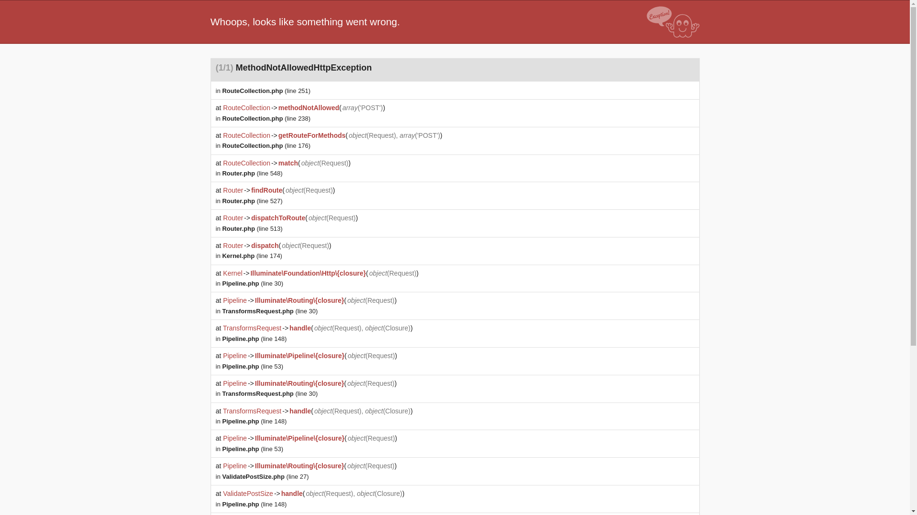  Describe the element at coordinates (222, 311) in the screenshot. I see `'TransformsRequest.php (line 30)'` at that location.